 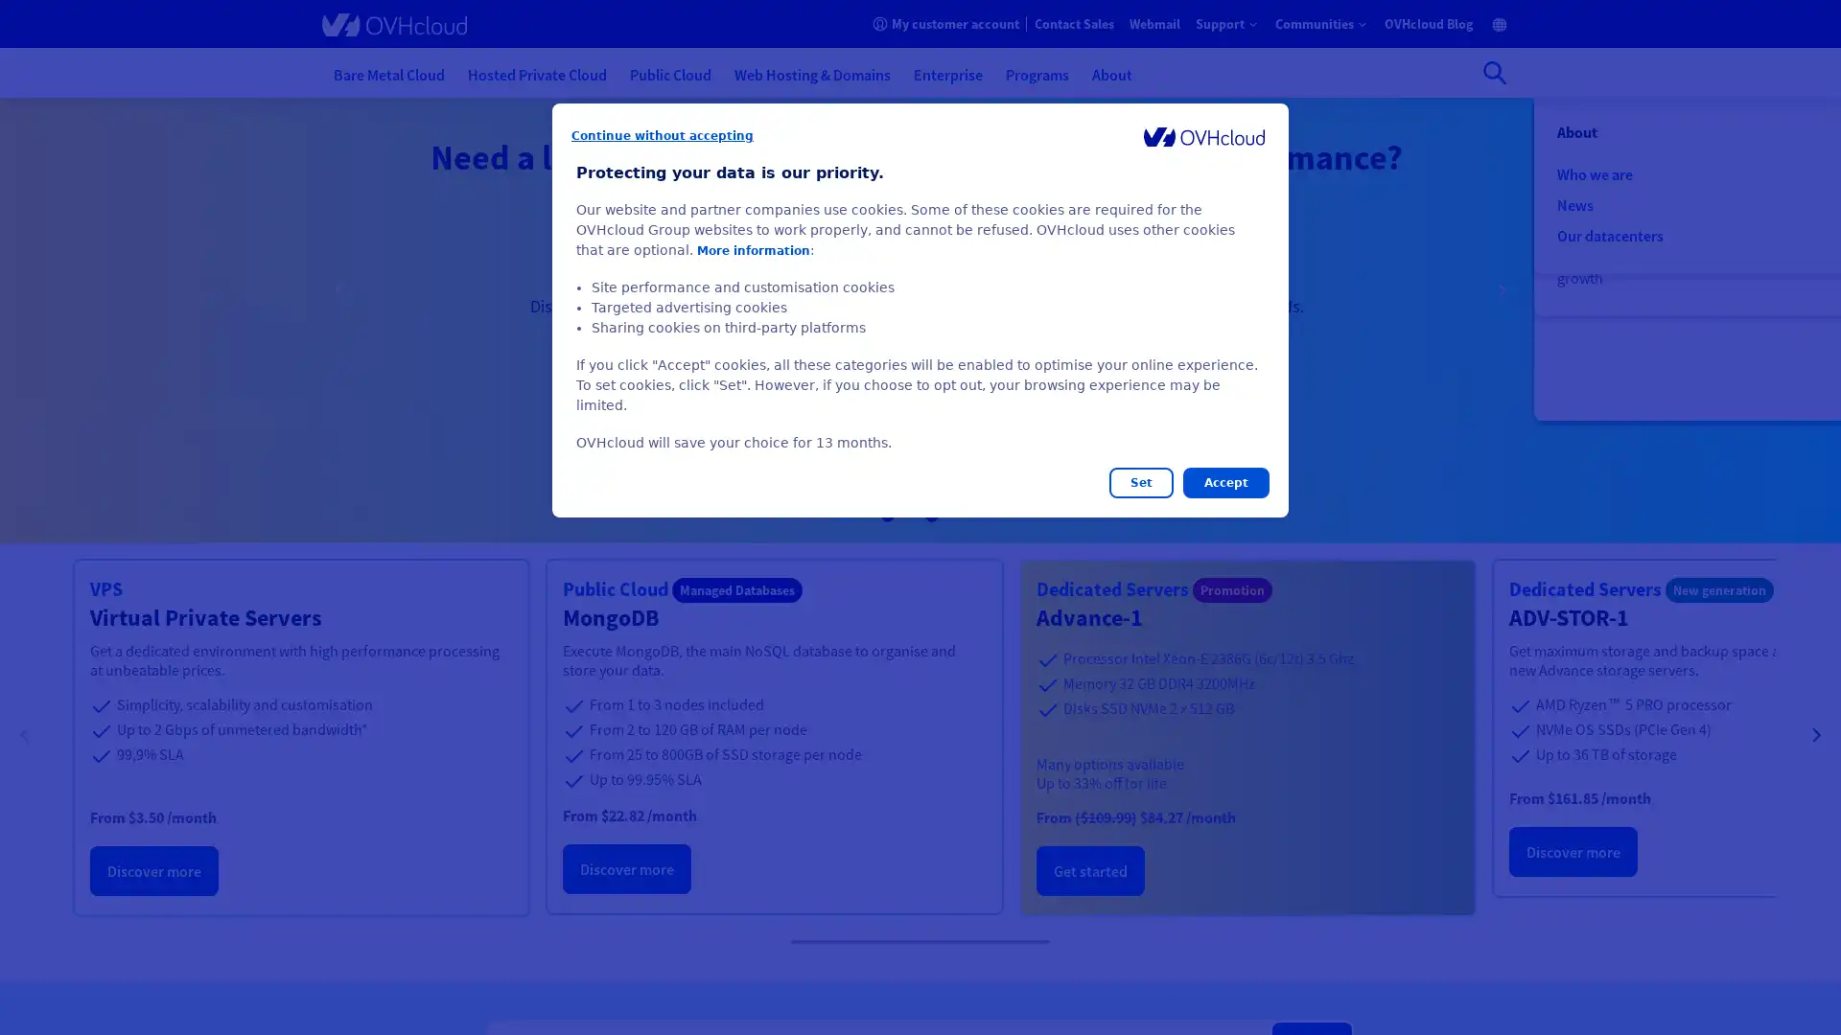 I want to click on Accept, so click(x=1224, y=482).